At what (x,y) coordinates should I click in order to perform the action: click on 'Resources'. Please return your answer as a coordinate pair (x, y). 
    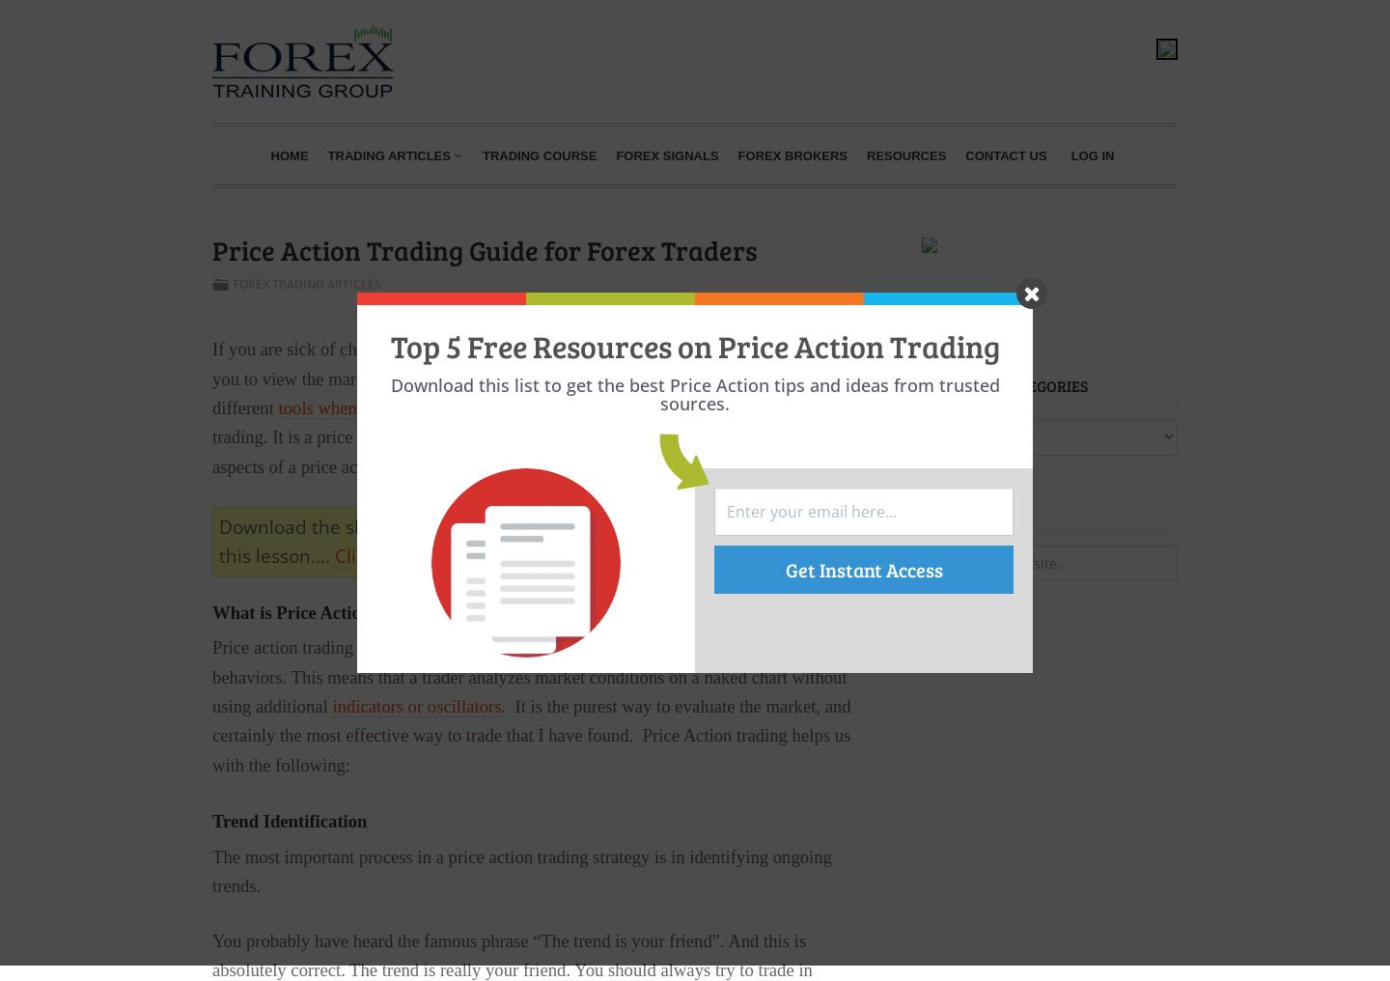
    Looking at the image, I should click on (906, 154).